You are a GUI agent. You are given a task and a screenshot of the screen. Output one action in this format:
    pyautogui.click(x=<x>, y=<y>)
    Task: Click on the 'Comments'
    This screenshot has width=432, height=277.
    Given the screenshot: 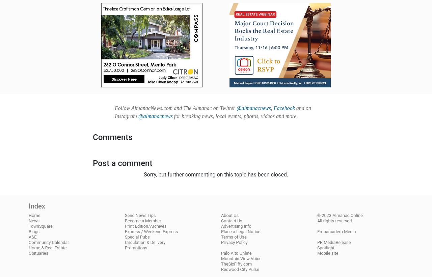 What is the action you would take?
    pyautogui.click(x=112, y=137)
    